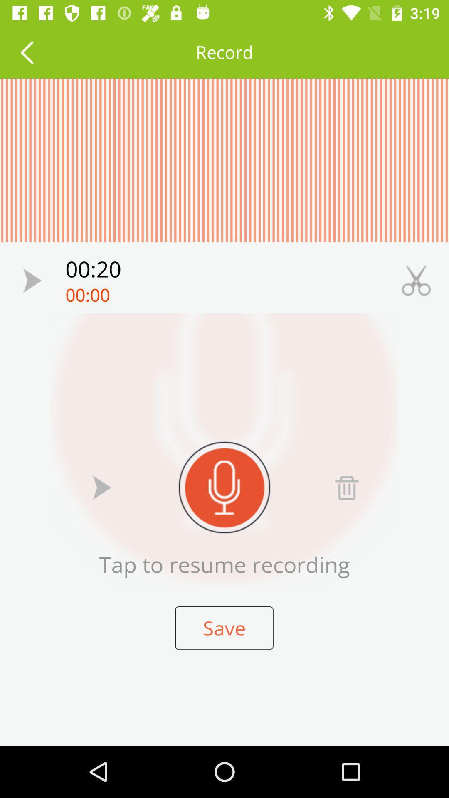 The height and width of the screenshot is (798, 449). What do you see at coordinates (346, 487) in the screenshot?
I see `the delete icon` at bounding box center [346, 487].